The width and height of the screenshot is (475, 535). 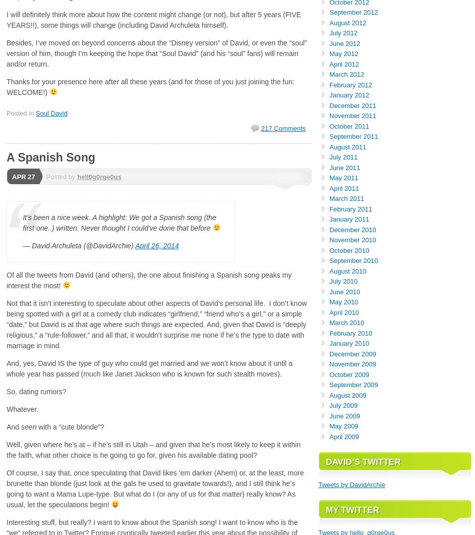 What do you see at coordinates (344, 415) in the screenshot?
I see `'June 2009'` at bounding box center [344, 415].